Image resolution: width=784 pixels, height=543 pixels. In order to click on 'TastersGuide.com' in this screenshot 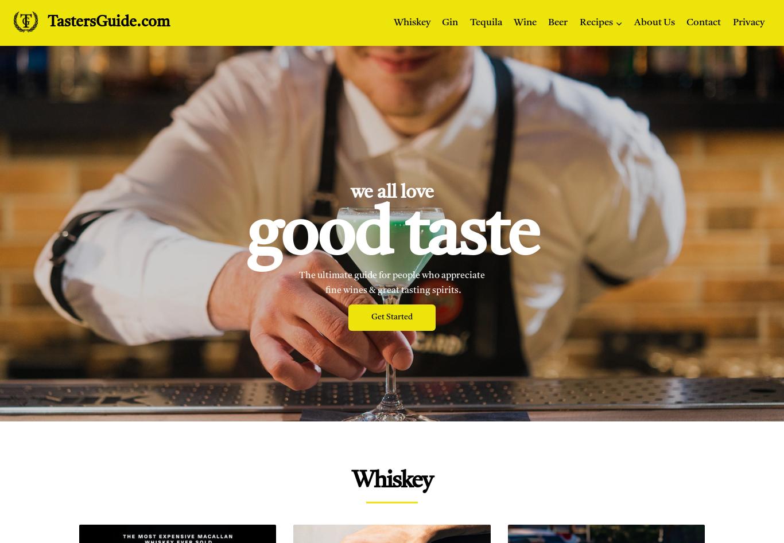, I will do `click(108, 22)`.